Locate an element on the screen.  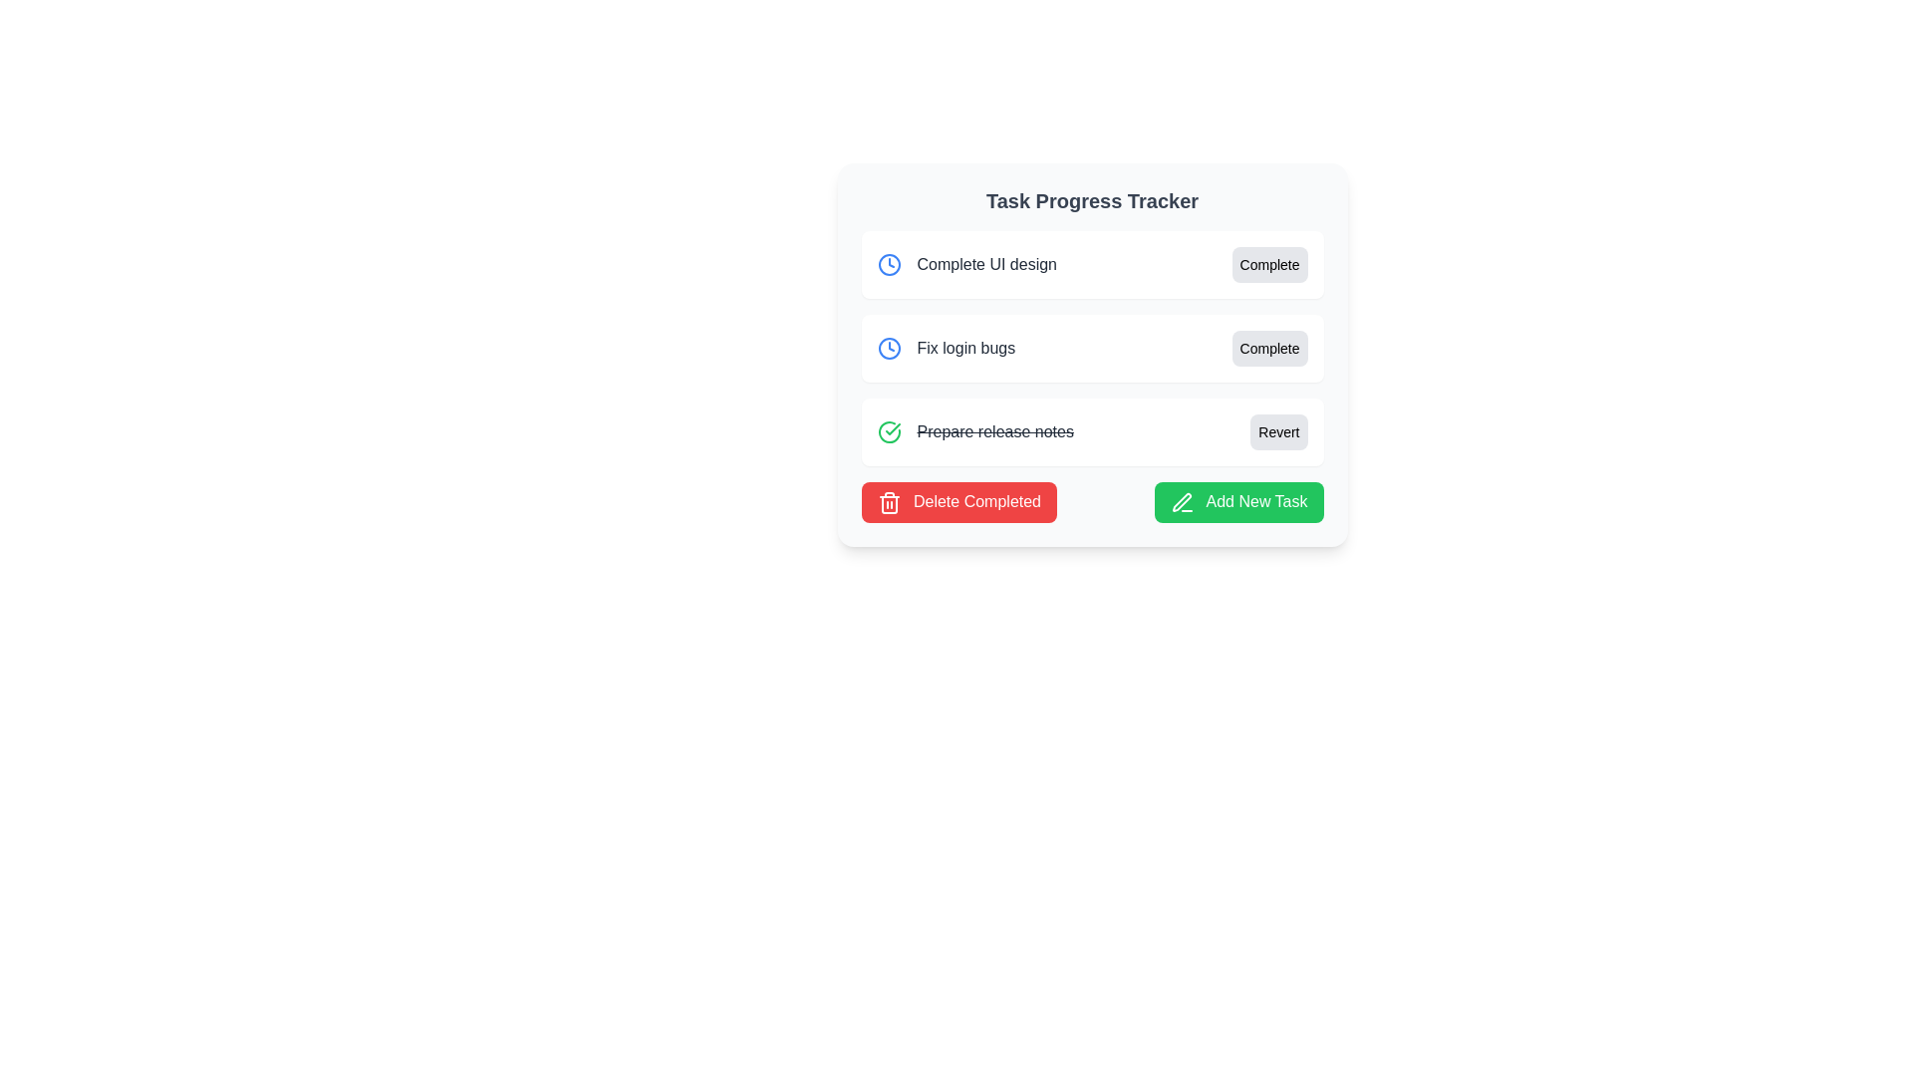
the text label displaying 'Prepare release notes', which indicates a completed task with strikethrough styling and a green checkmark, located in the bottom task row of the Task Progress Tracker interface is located at coordinates (975, 431).